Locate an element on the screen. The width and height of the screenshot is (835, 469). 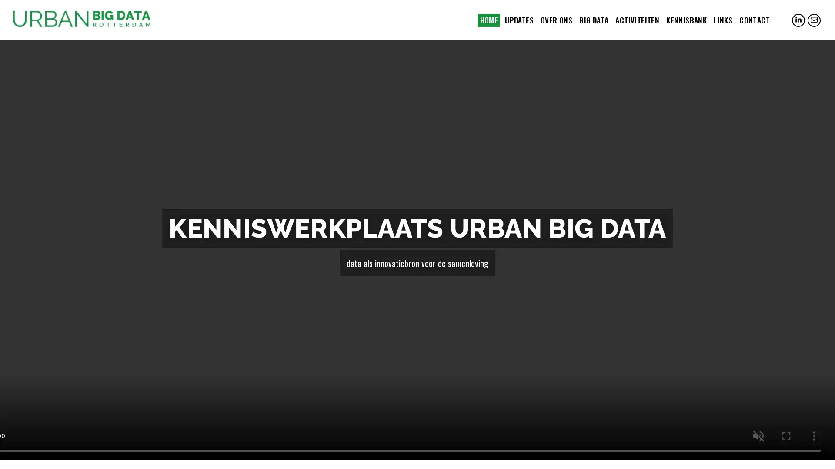
enter full screen is located at coordinates (786, 436).